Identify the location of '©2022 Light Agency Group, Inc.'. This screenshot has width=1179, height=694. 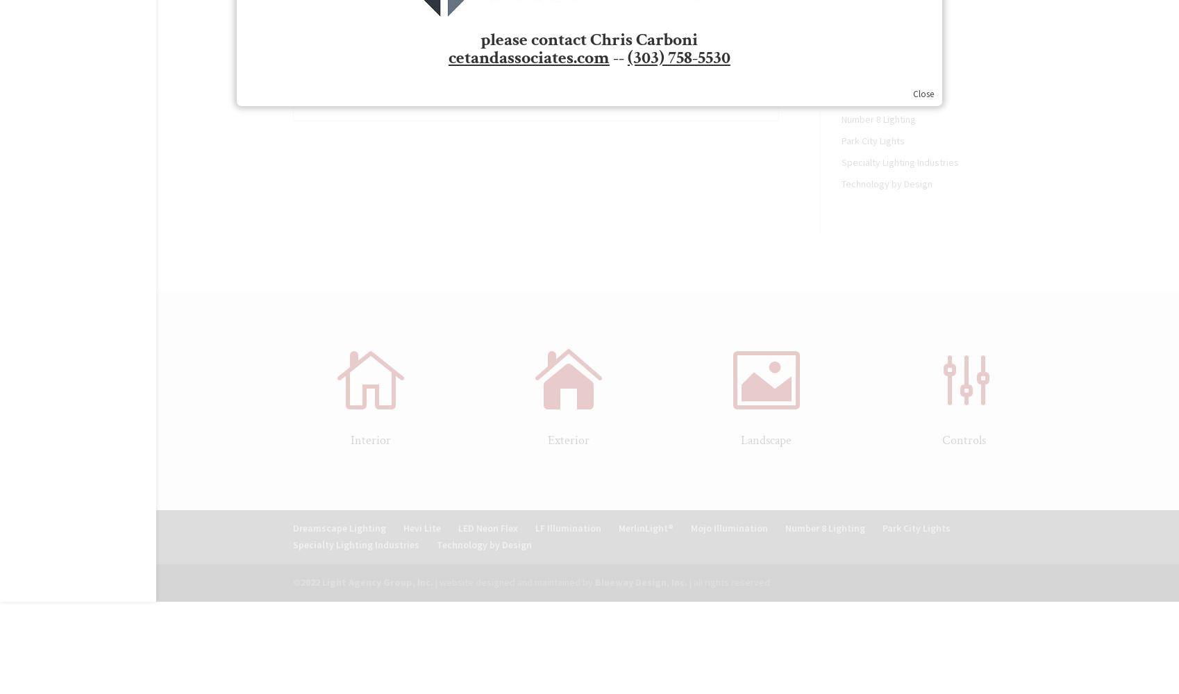
(362, 581).